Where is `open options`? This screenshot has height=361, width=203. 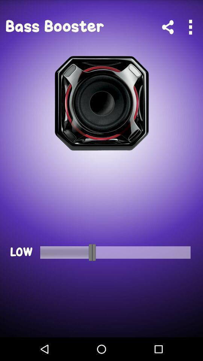 open options is located at coordinates (190, 27).